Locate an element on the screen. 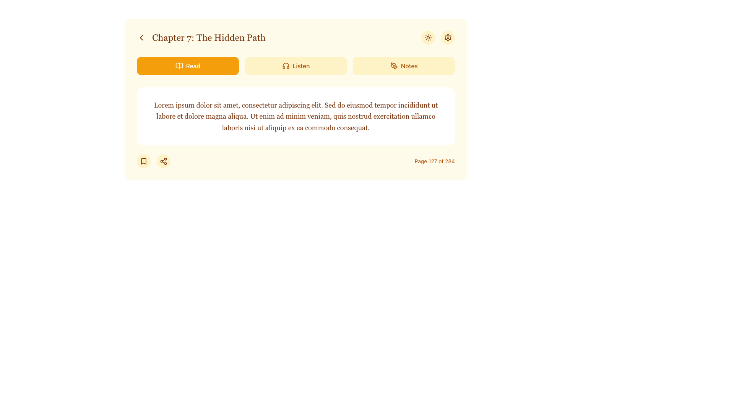  the back button icon located at the far left of the navigation interface is located at coordinates (141, 38).